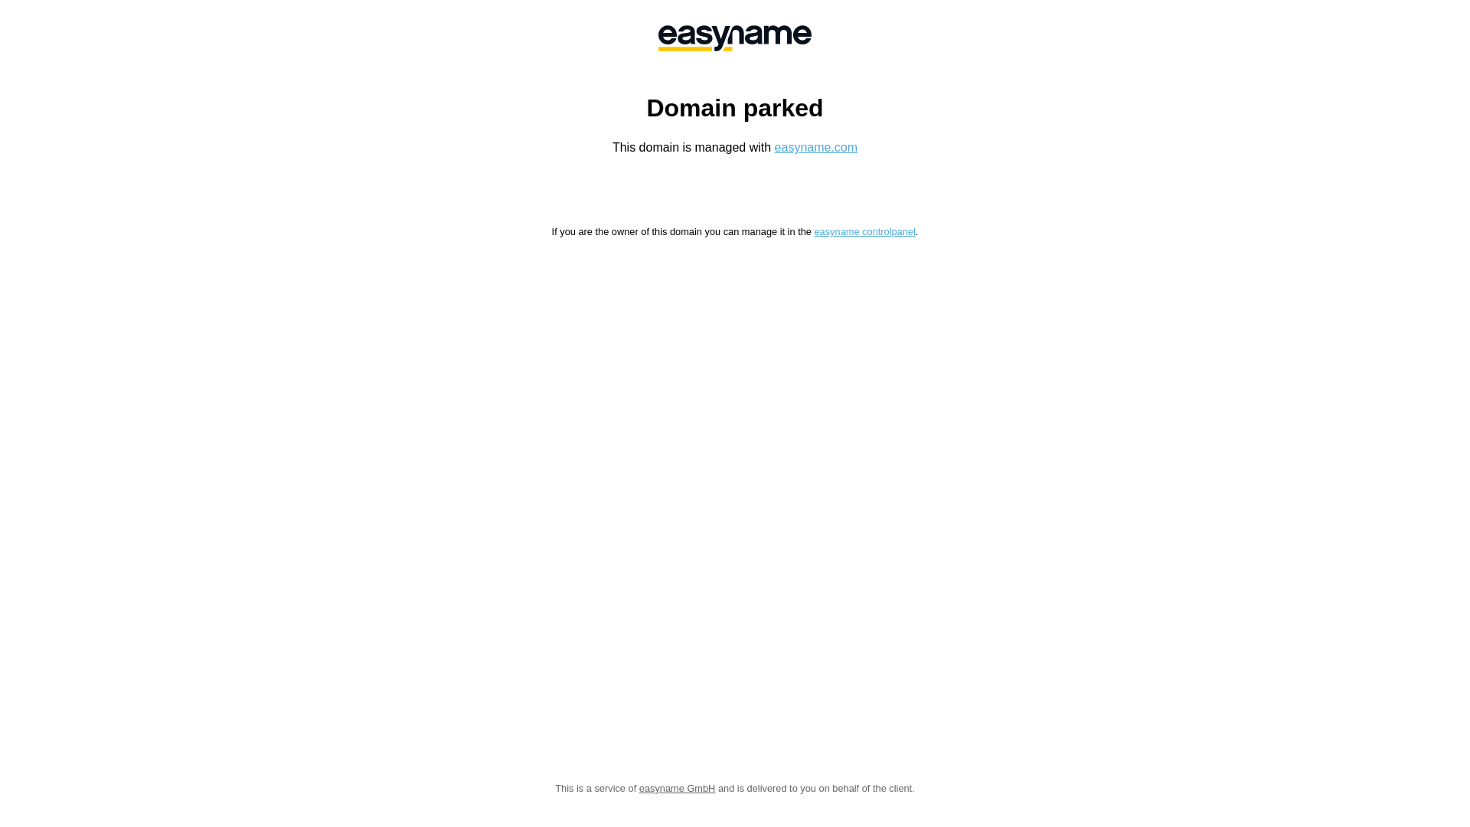 The image size is (1470, 827). I want to click on 'easyname GmbH', so click(735, 38).